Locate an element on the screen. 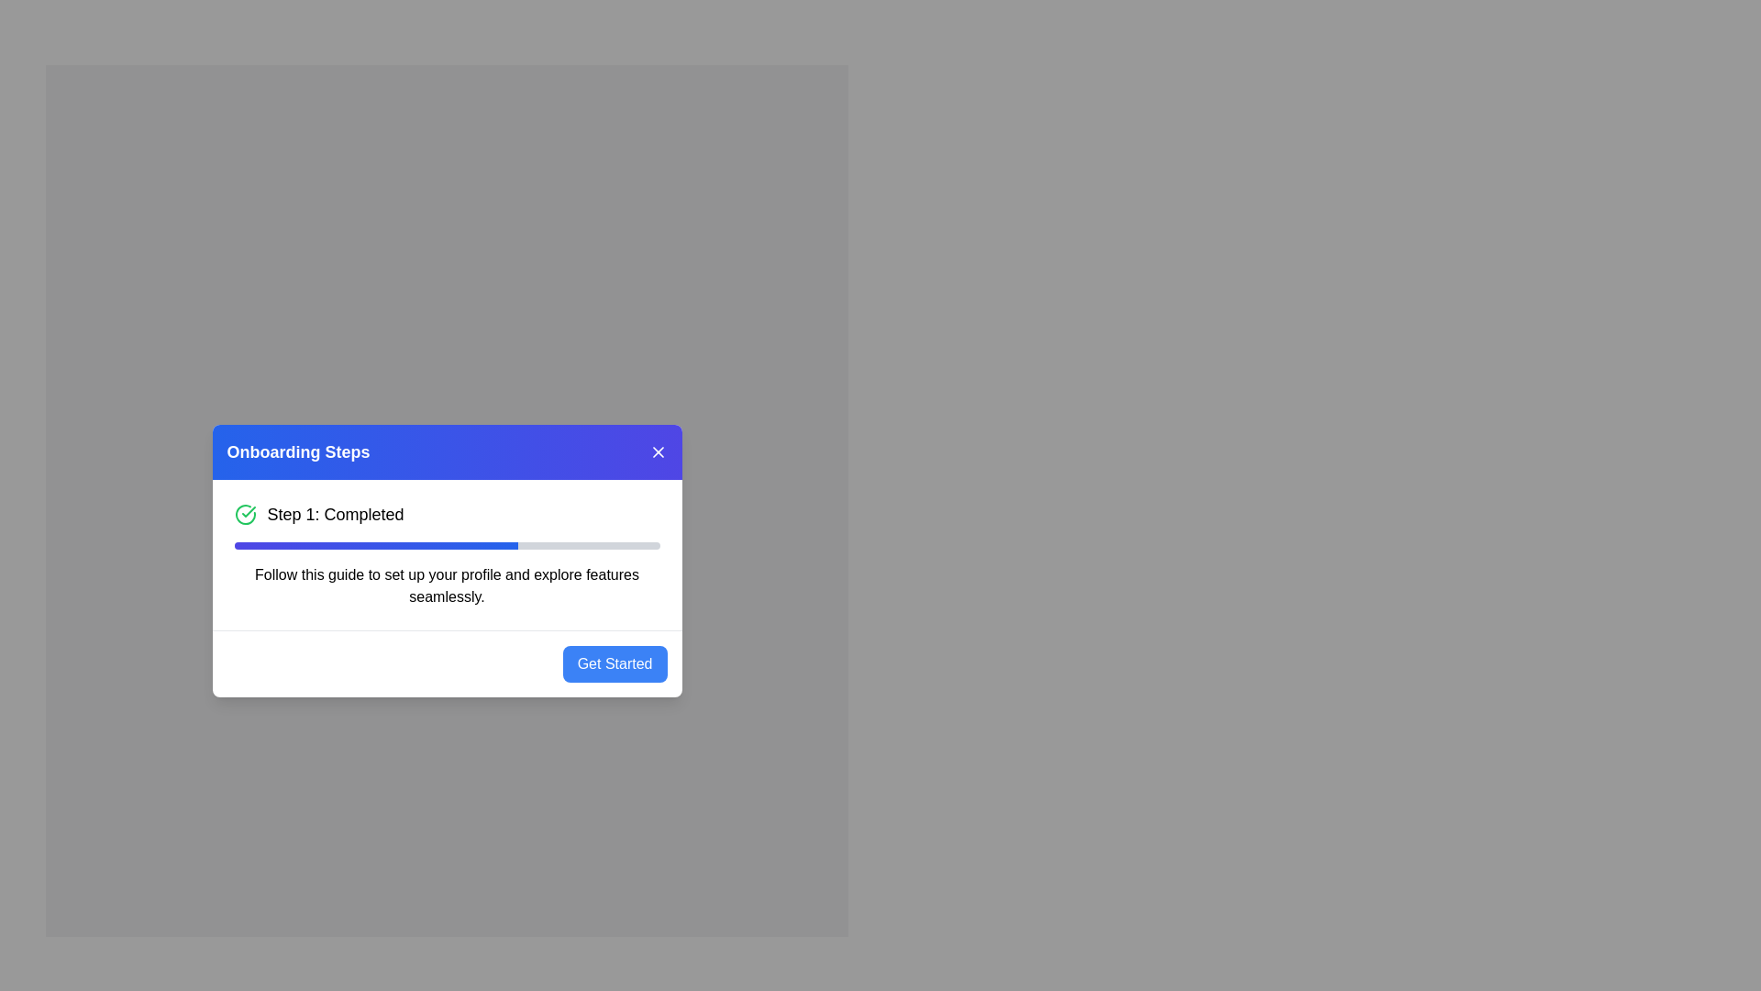 The height and width of the screenshot is (991, 1761). the close button represented by an 'X' icon on a gradient blue background, located in the top-right corner of the title bar displaying 'Onboarding Steps' is located at coordinates (658, 451).